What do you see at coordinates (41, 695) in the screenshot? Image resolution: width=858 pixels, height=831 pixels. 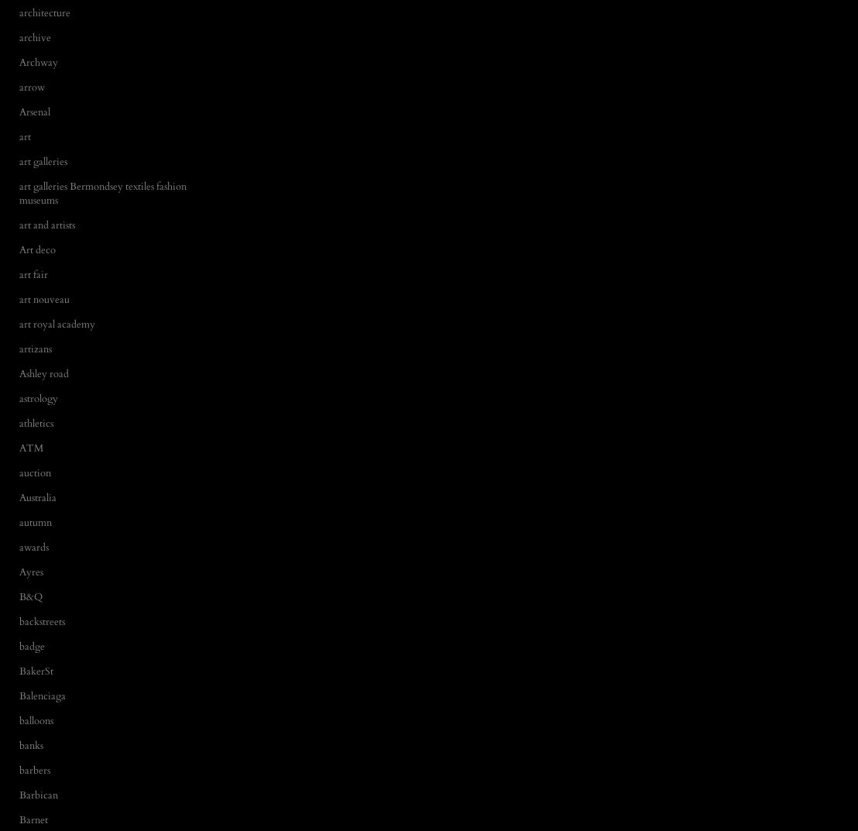 I see `'Balenciaga'` at bounding box center [41, 695].